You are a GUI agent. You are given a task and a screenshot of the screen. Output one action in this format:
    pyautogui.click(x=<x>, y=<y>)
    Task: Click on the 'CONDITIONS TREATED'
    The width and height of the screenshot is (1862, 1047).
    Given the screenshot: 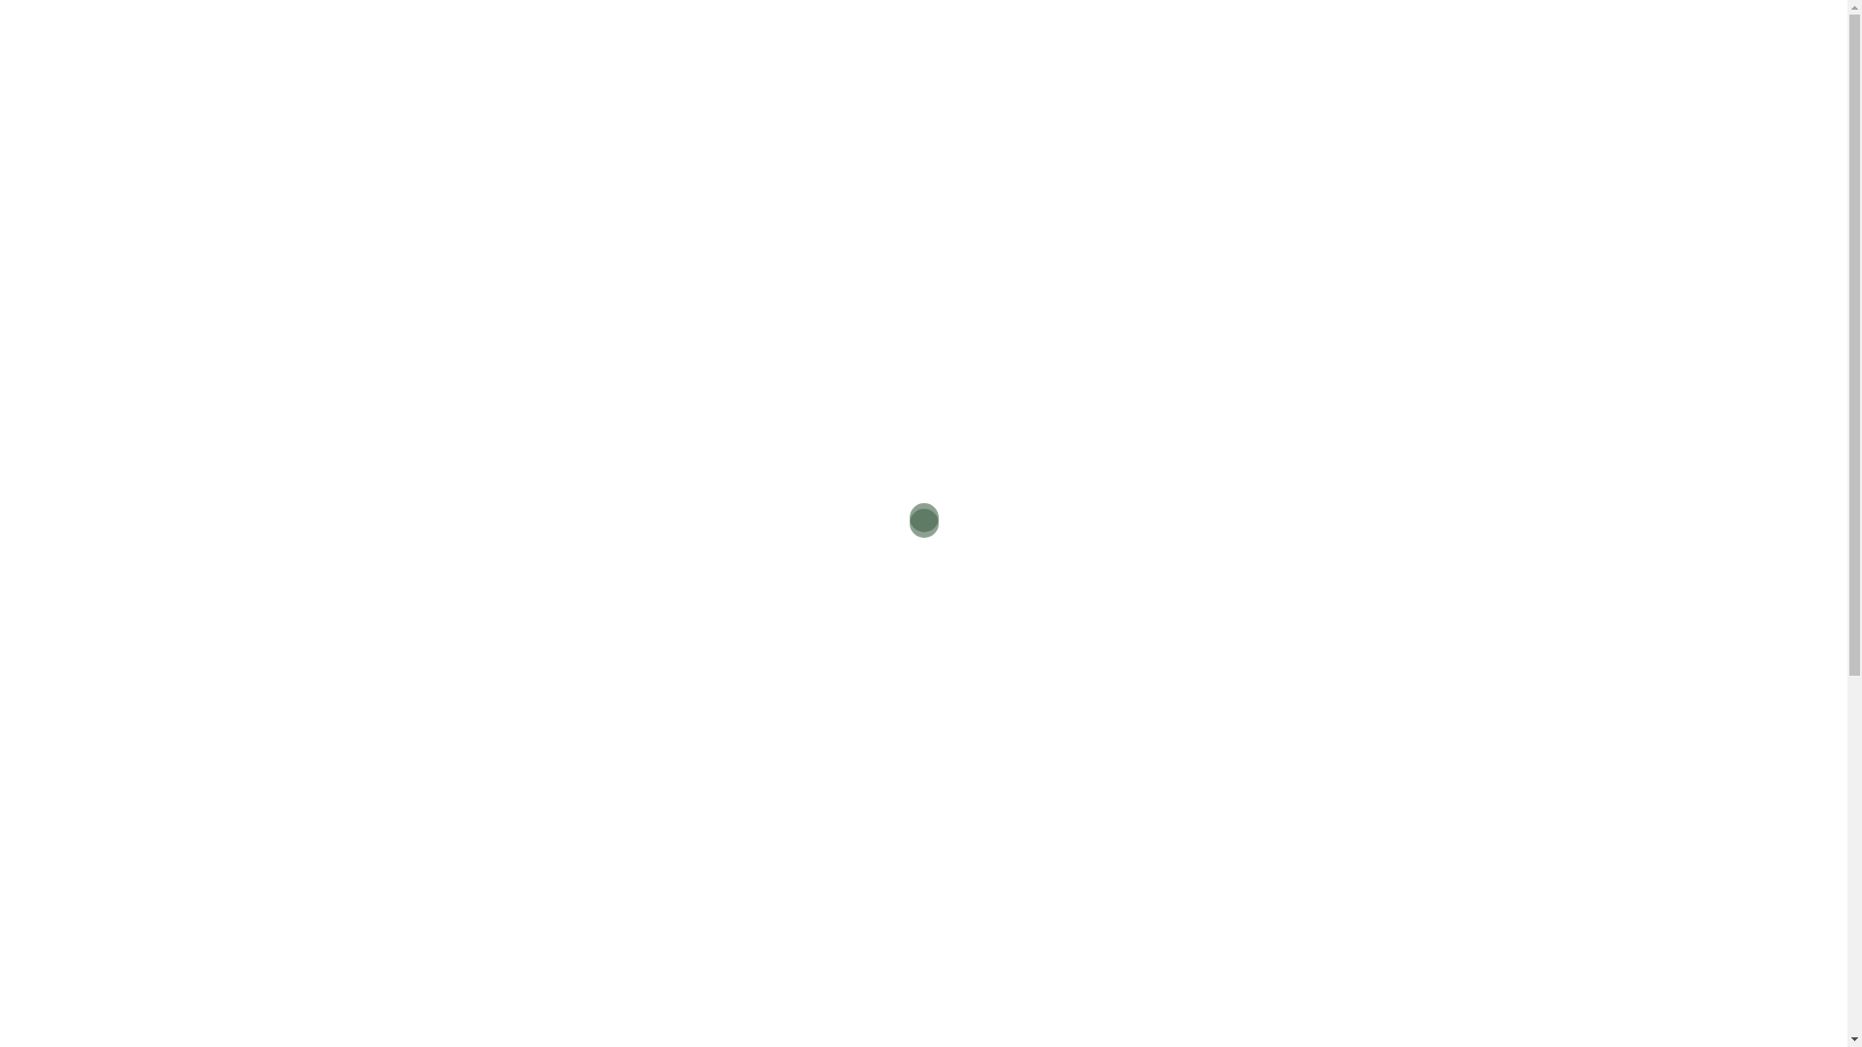 What is the action you would take?
    pyautogui.click(x=696, y=88)
    